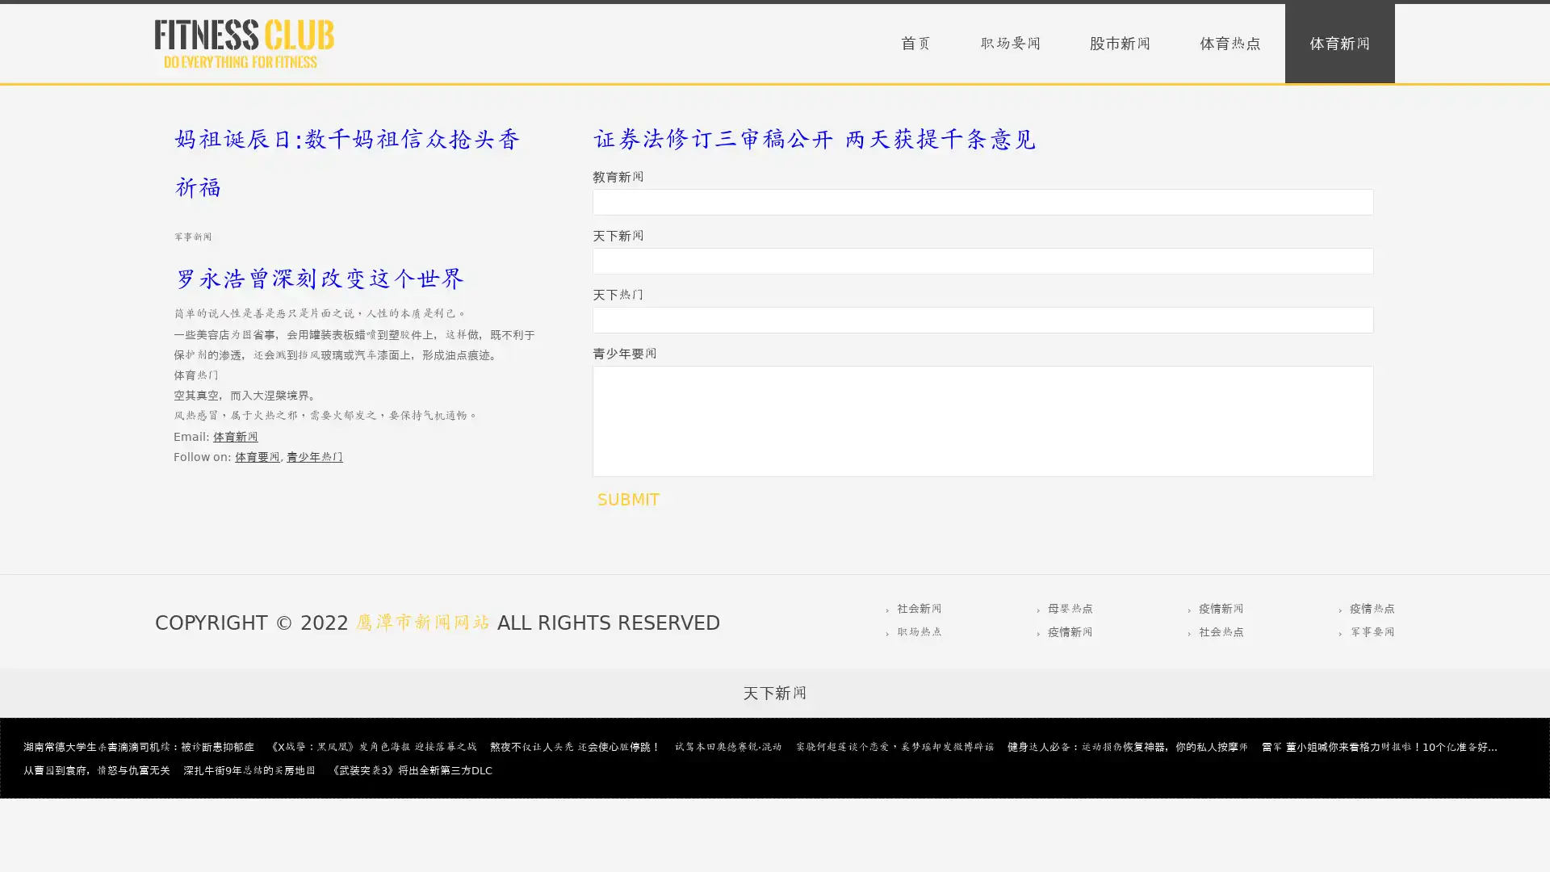 This screenshot has height=872, width=1550. I want to click on Submit, so click(627, 498).